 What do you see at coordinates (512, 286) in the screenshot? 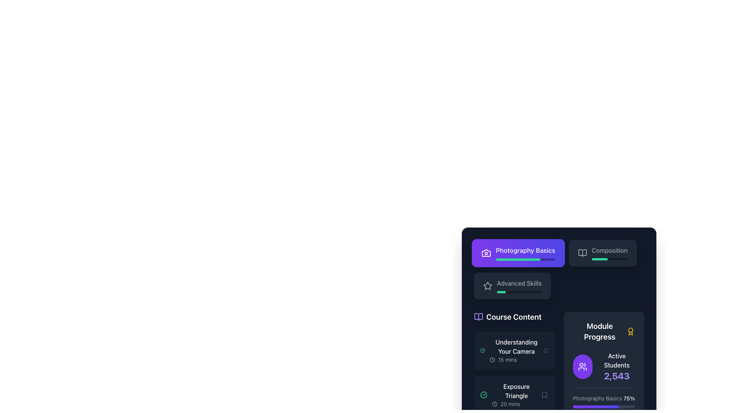
I see `the bottommost button in the horizontal button group` at bounding box center [512, 286].